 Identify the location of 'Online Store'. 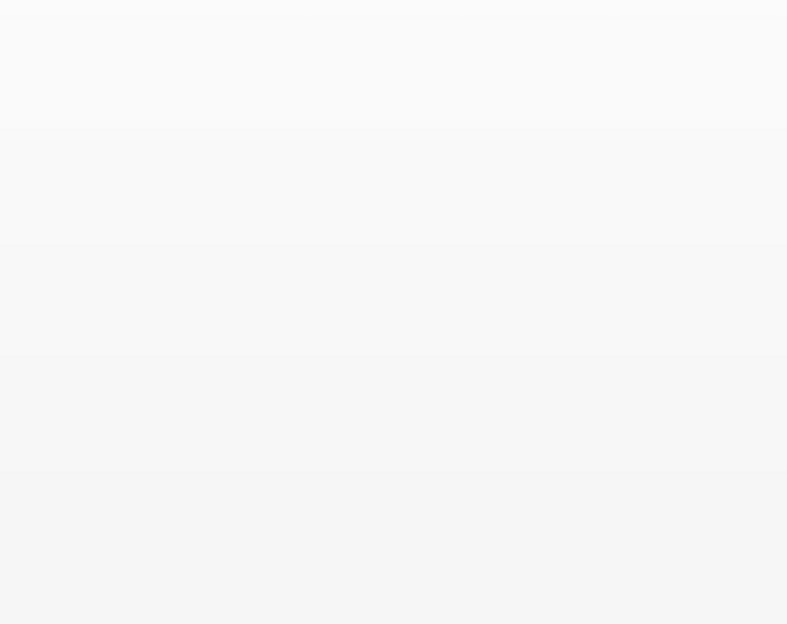
(577, 451).